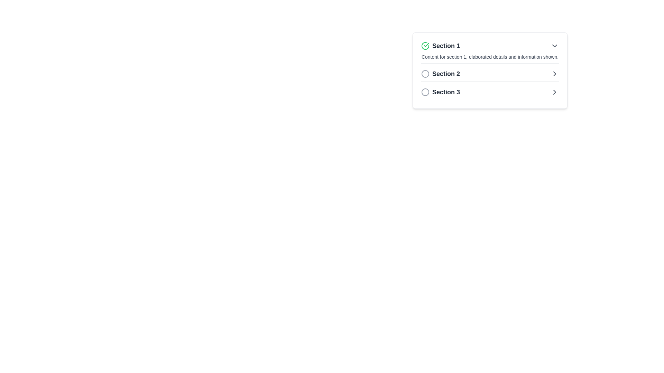  Describe the element at coordinates (554, 74) in the screenshot. I see `the right-pointing chevron icon` at that location.